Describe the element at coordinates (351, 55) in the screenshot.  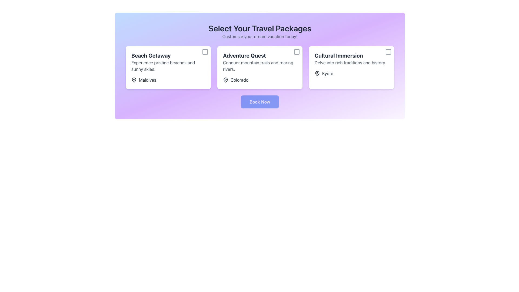
I see `the text label that serves as the title of the travel package option, located at the top of the rightmost card in a row of three` at that location.